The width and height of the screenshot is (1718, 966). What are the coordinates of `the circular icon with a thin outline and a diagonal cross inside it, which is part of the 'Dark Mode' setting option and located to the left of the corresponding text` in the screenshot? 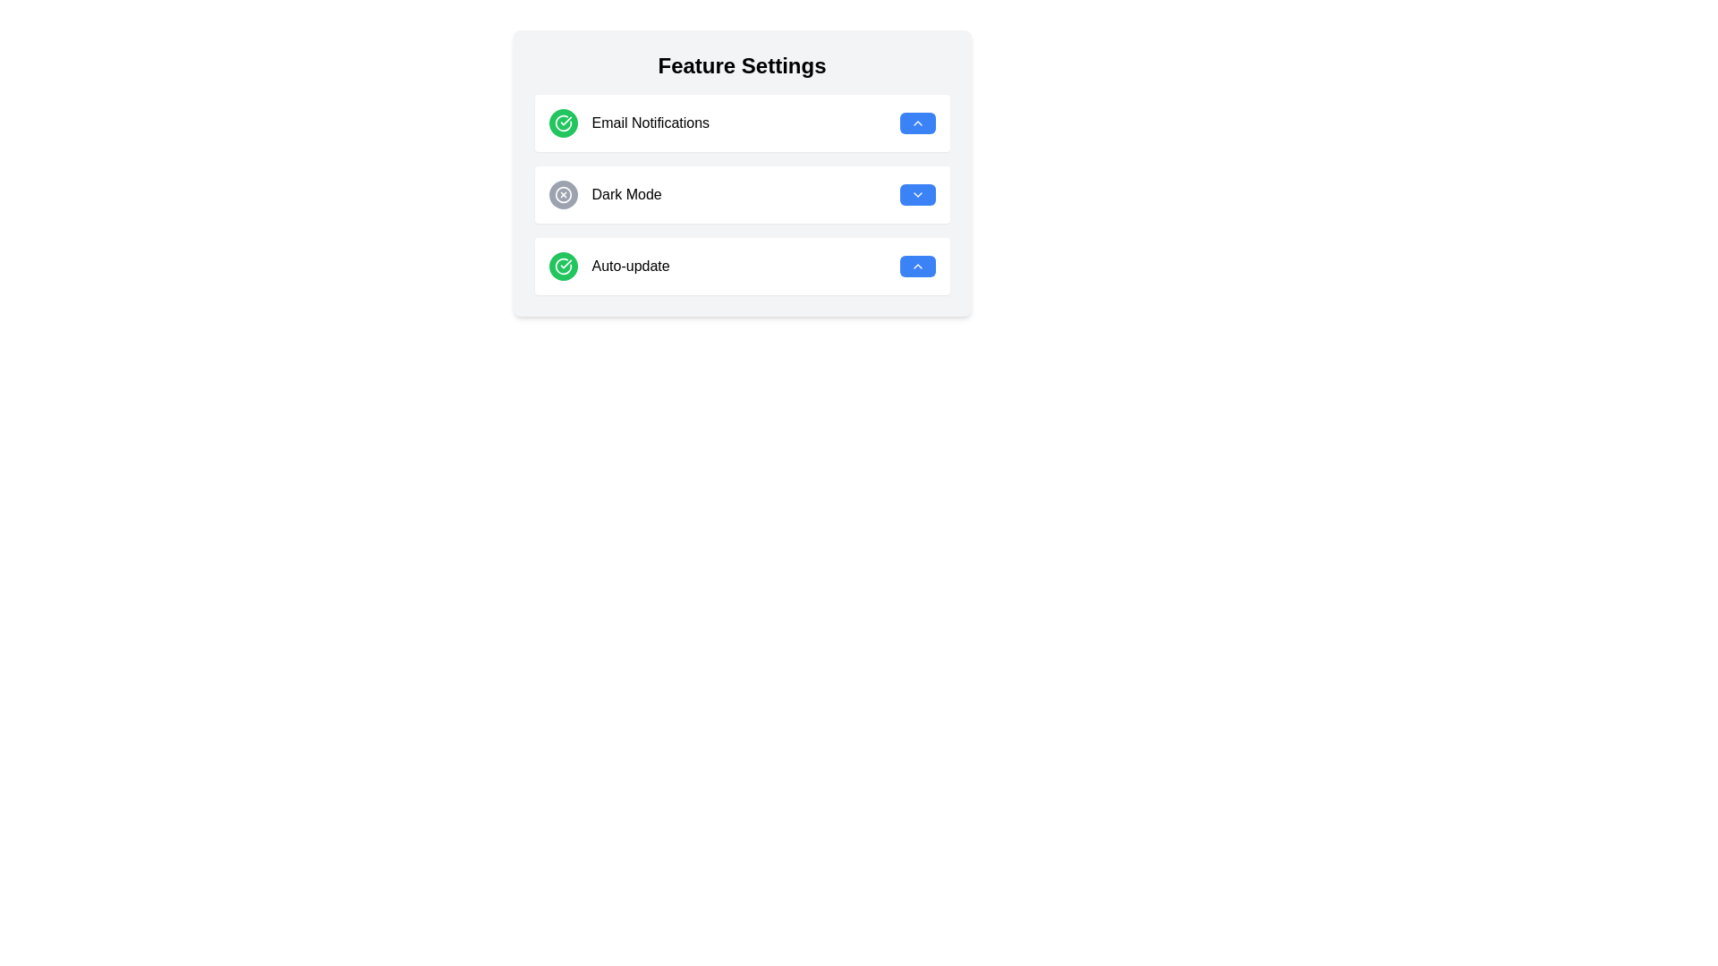 It's located at (562, 195).